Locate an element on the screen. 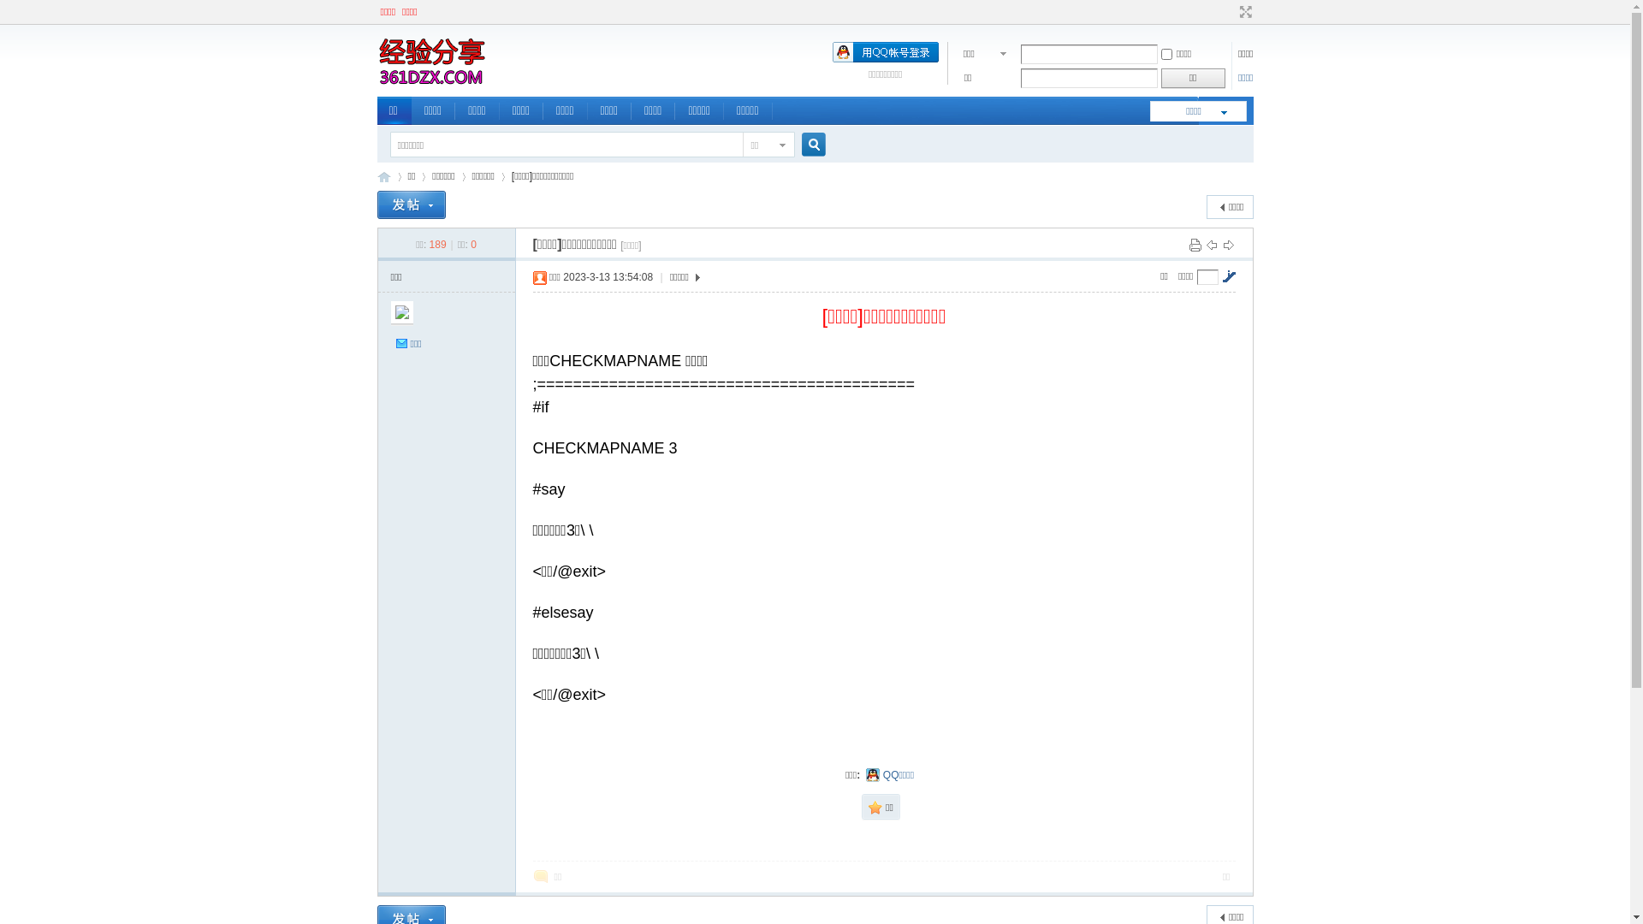 Image resolution: width=1643 pixels, height=924 pixels. 'true' is located at coordinates (805, 144).